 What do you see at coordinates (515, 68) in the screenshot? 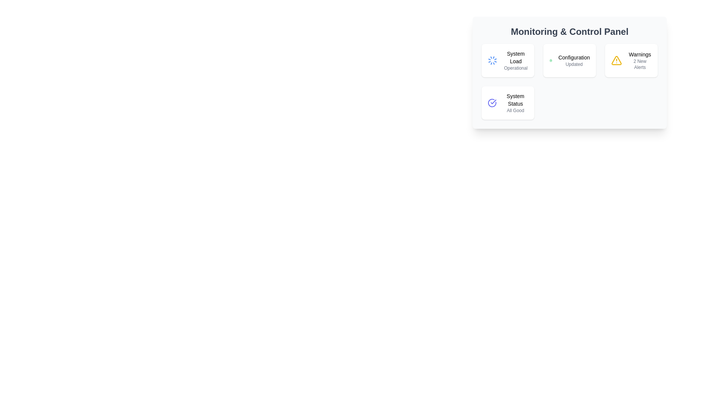
I see `the text label displaying 'operational' in lowercase letters, styled with a gray font, located beneath the 'System Load' label in the Monitoring & Control Panel interface` at bounding box center [515, 68].